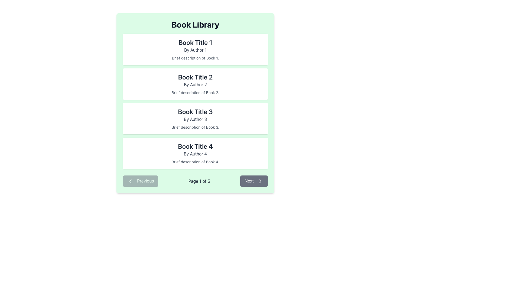  Describe the element at coordinates (195, 153) in the screenshot. I see `the Information Card at the bottom of the stack, which displays details about a book including title, author, and description` at that location.